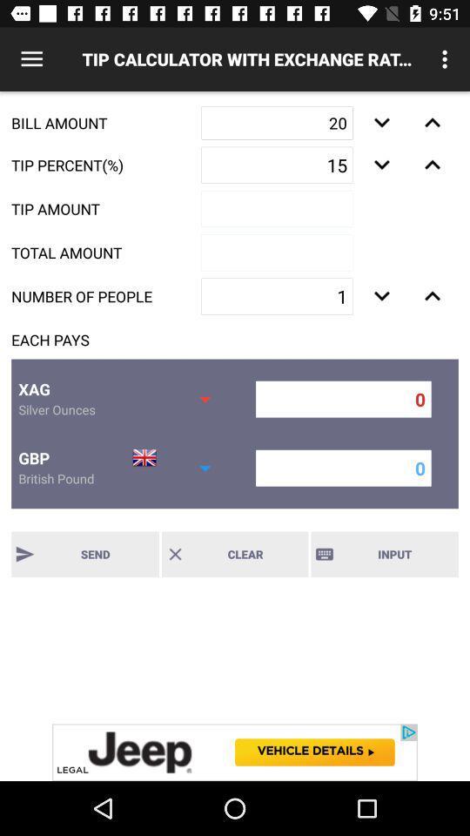  I want to click on the expand_less icon, so click(432, 165).